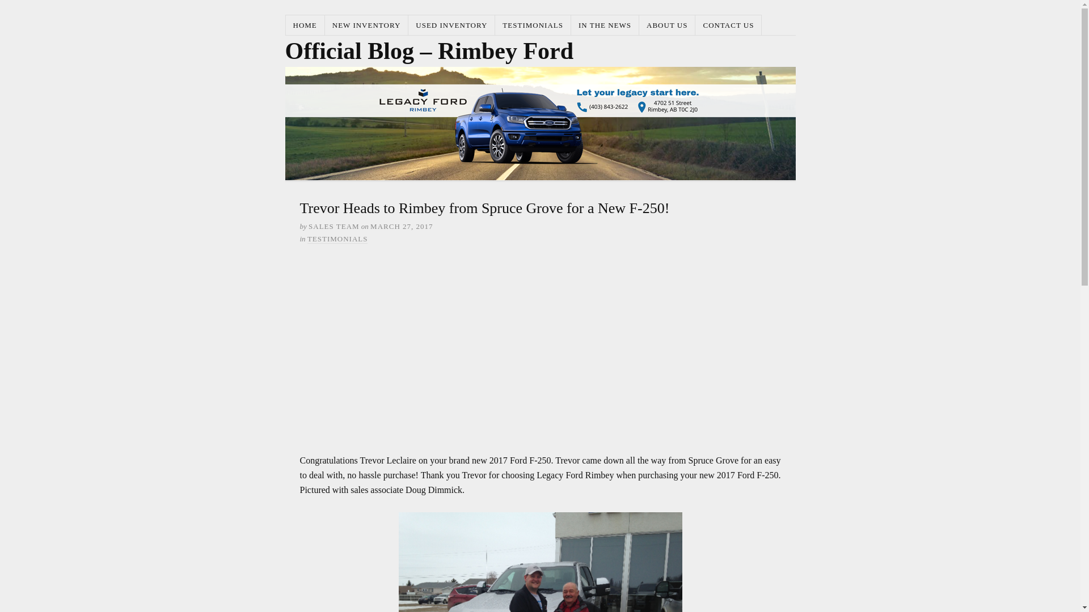 The width and height of the screenshot is (1089, 612). What do you see at coordinates (305, 25) in the screenshot?
I see `'HOME'` at bounding box center [305, 25].